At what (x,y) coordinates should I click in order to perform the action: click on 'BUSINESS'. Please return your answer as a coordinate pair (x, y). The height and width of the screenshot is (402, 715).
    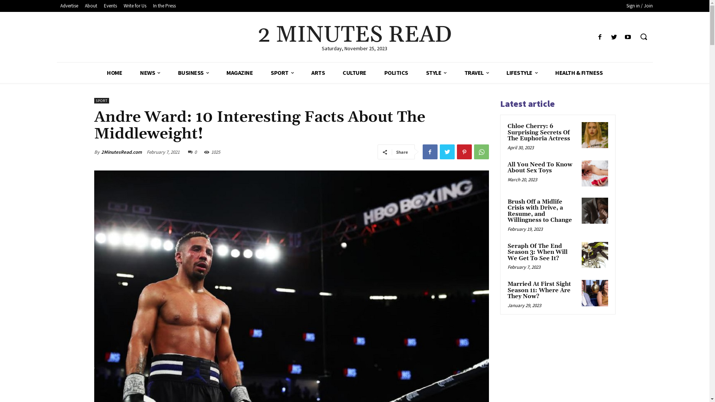
    Looking at the image, I should click on (169, 73).